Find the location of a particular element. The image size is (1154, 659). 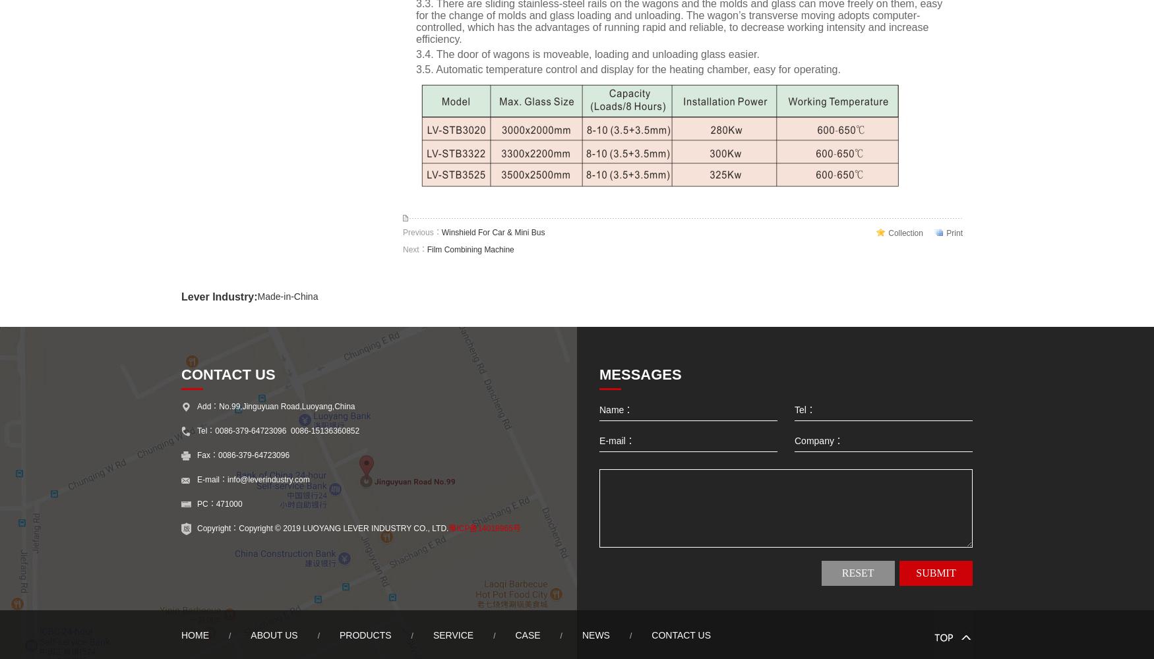

'E-mail：info@leverindustry.com' is located at coordinates (252, 479).